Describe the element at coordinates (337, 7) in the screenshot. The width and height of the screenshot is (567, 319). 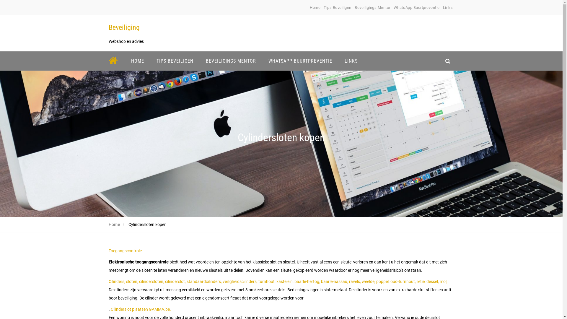
I see `'Tips Beveiligen'` at that location.